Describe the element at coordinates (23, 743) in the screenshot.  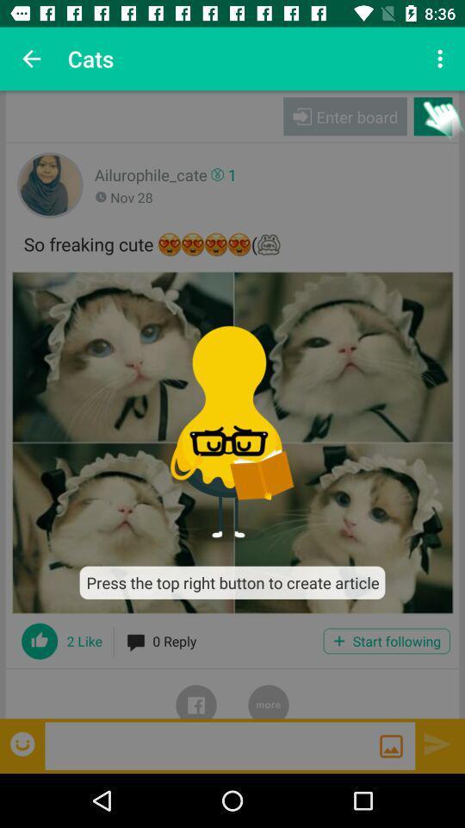
I see `emoticon page` at that location.